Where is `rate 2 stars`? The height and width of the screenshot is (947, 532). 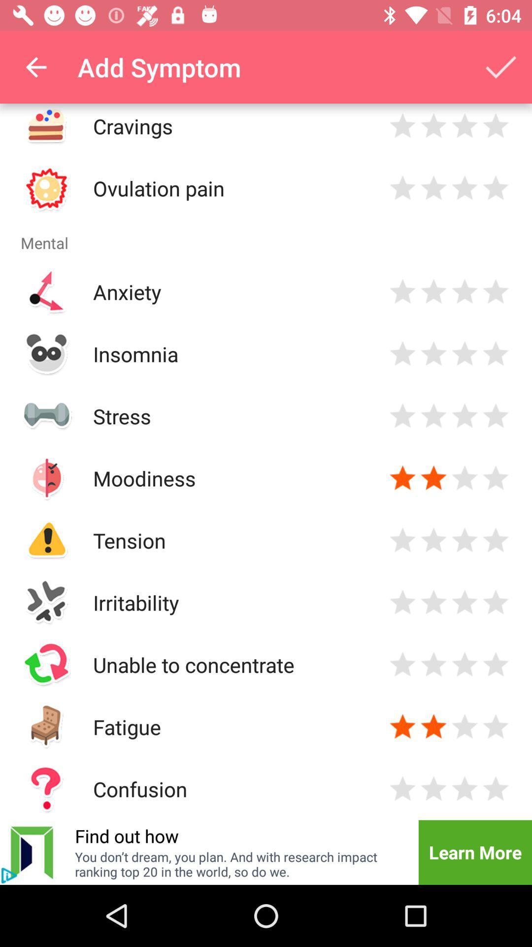
rate 2 stars is located at coordinates (433, 727).